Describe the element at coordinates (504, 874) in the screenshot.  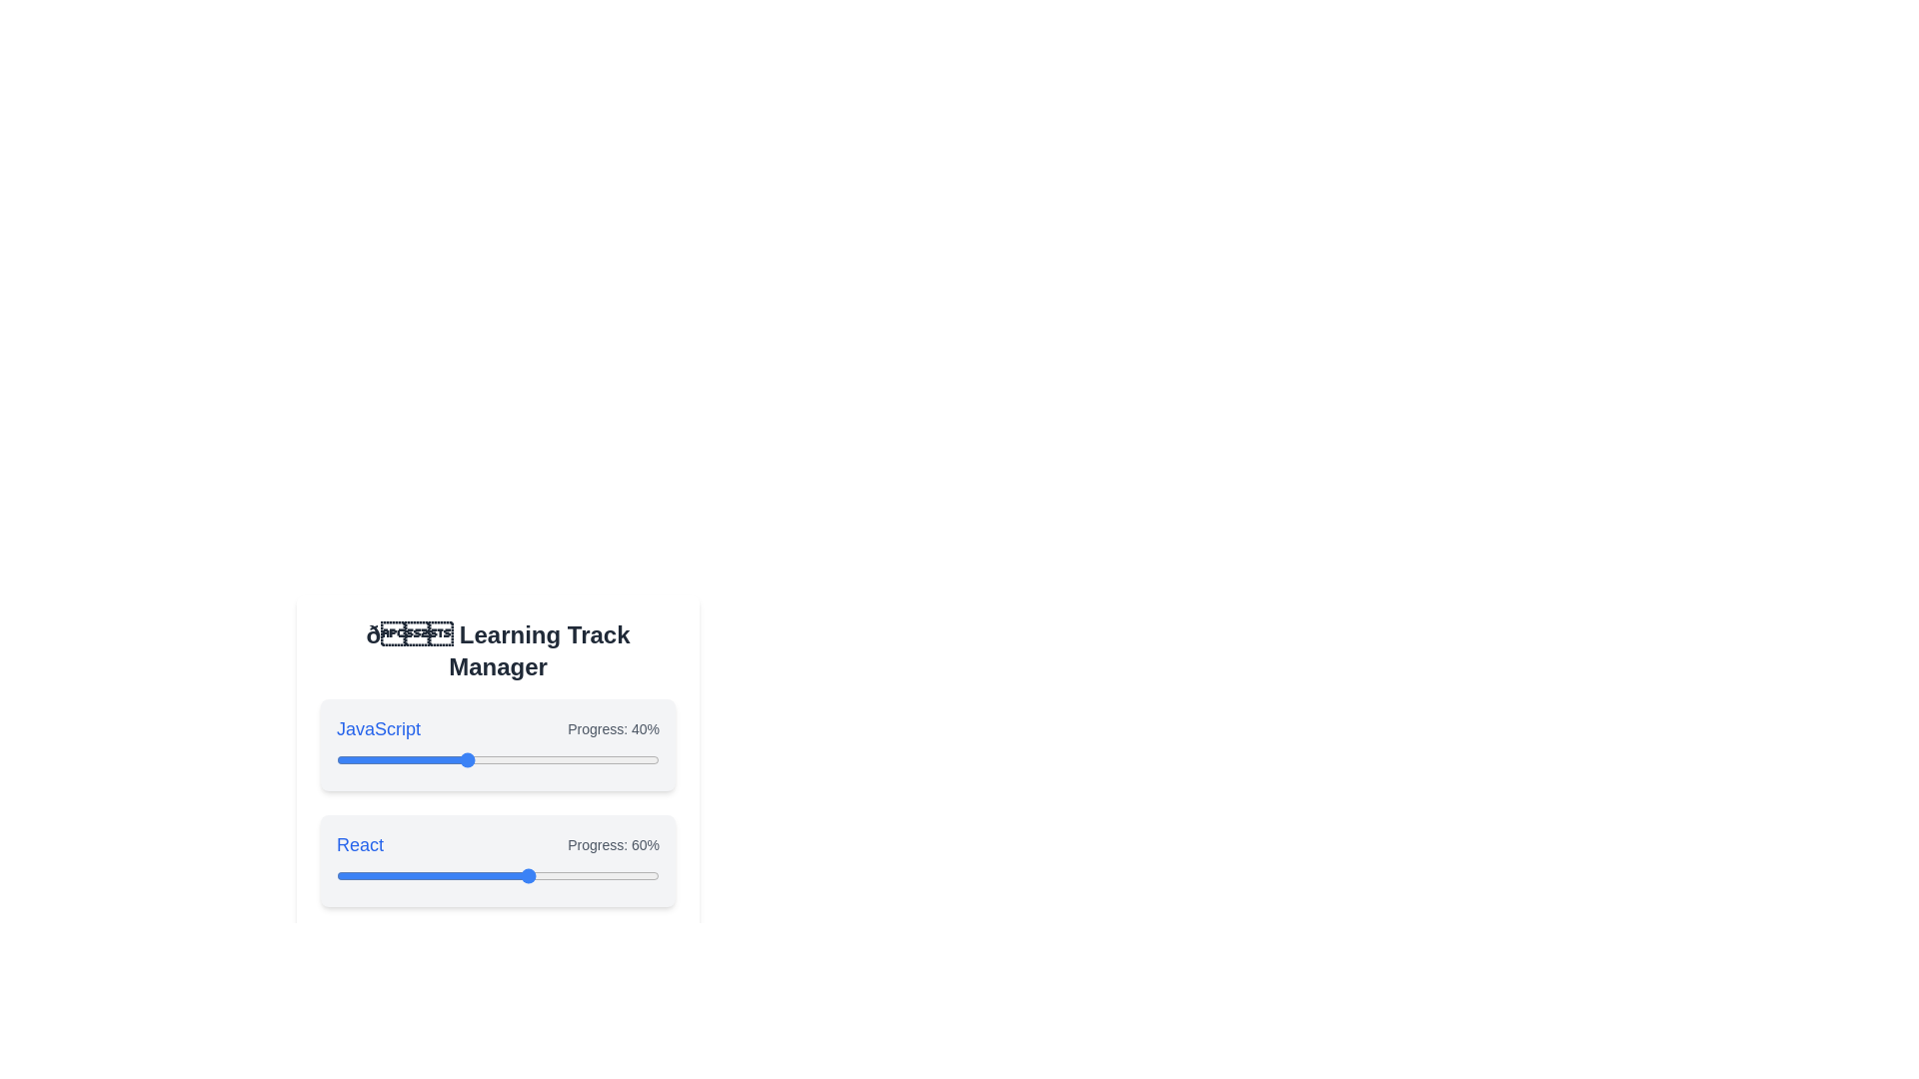
I see `the progress` at that location.